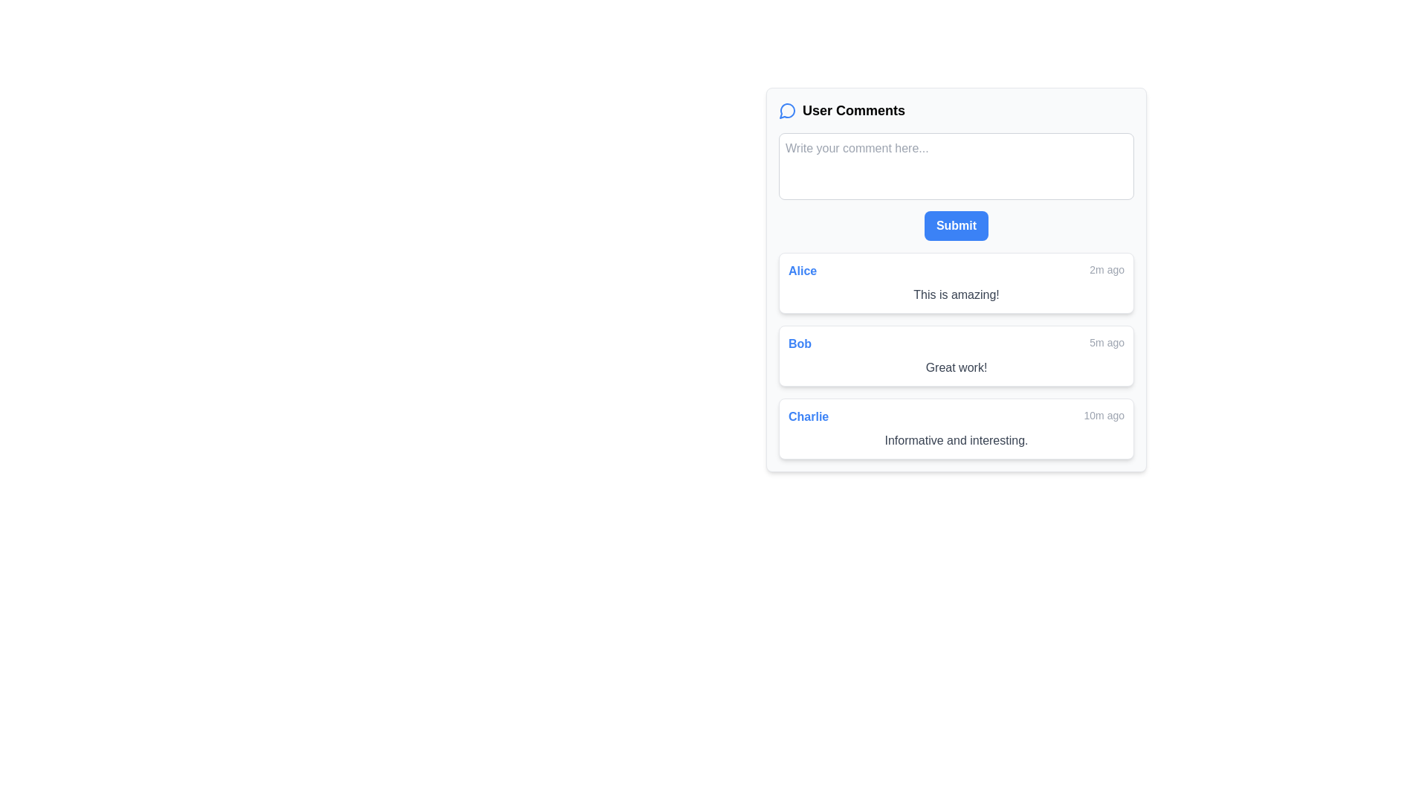 The image size is (1427, 803). What do you see at coordinates (786, 110) in the screenshot?
I see `the circular chat bubble icon used for comments, located near the title 'User Comments' in the user comment panel` at bounding box center [786, 110].